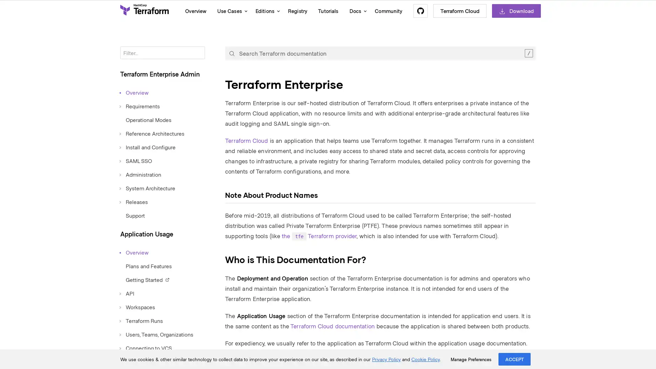  What do you see at coordinates (356, 11) in the screenshot?
I see `Docs` at bounding box center [356, 11].